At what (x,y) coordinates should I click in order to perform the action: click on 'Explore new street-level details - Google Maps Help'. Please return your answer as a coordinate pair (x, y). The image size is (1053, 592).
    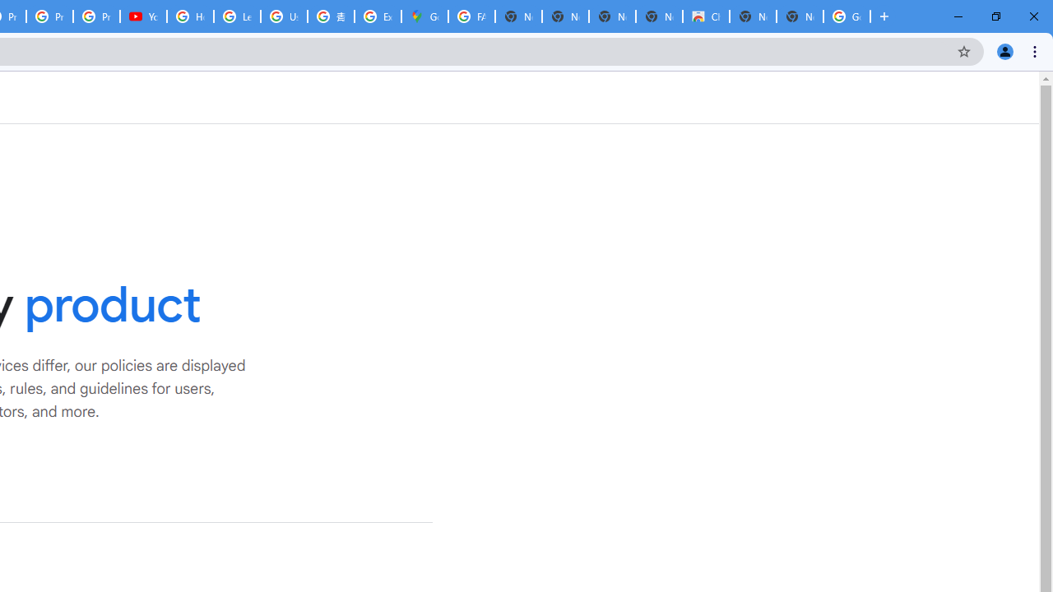
    Looking at the image, I should click on (377, 16).